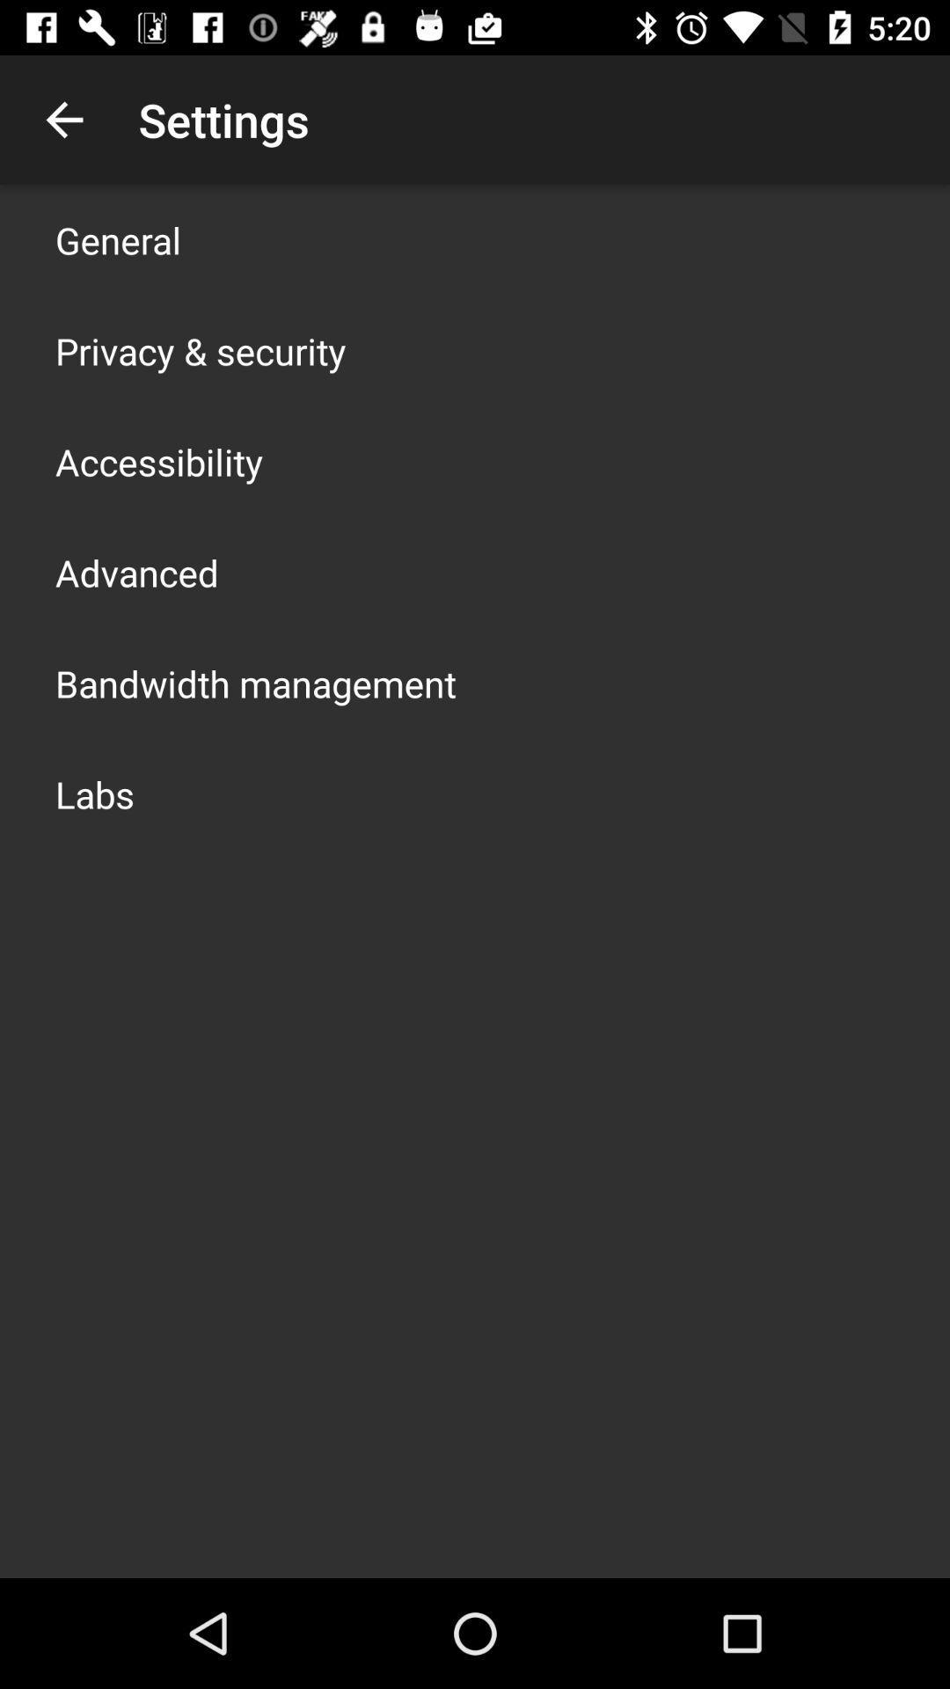 This screenshot has height=1689, width=950. Describe the element at coordinates (135, 573) in the screenshot. I see `item above bandwidth management app` at that location.